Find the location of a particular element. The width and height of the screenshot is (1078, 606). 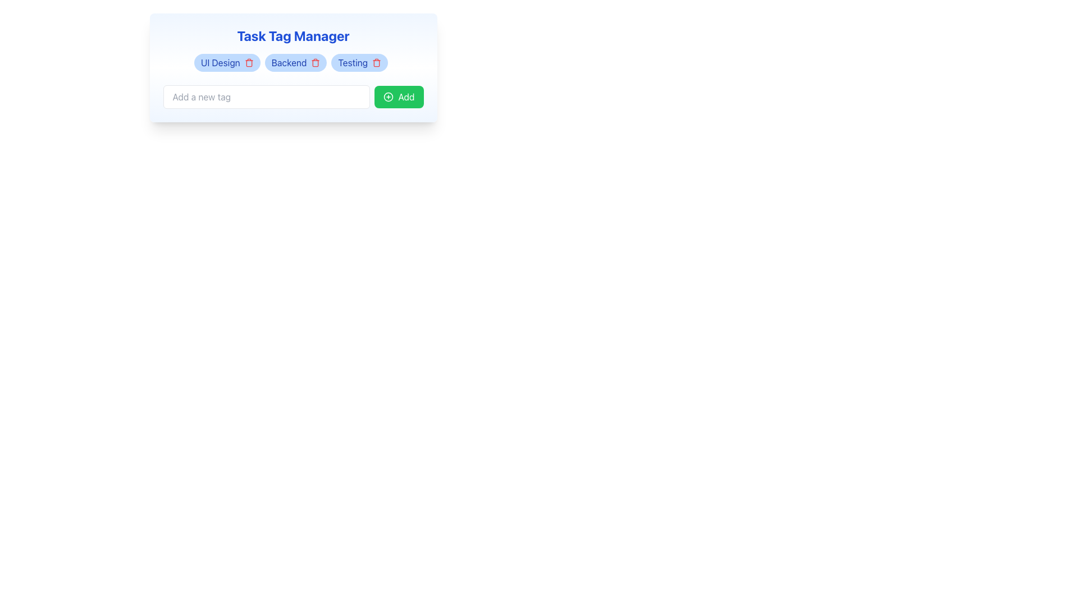

the small circular '+' icon with a green background and white border, located at the leftmost part of the green 'Add' button in the bottom-right section of the interface is located at coordinates (389, 97).